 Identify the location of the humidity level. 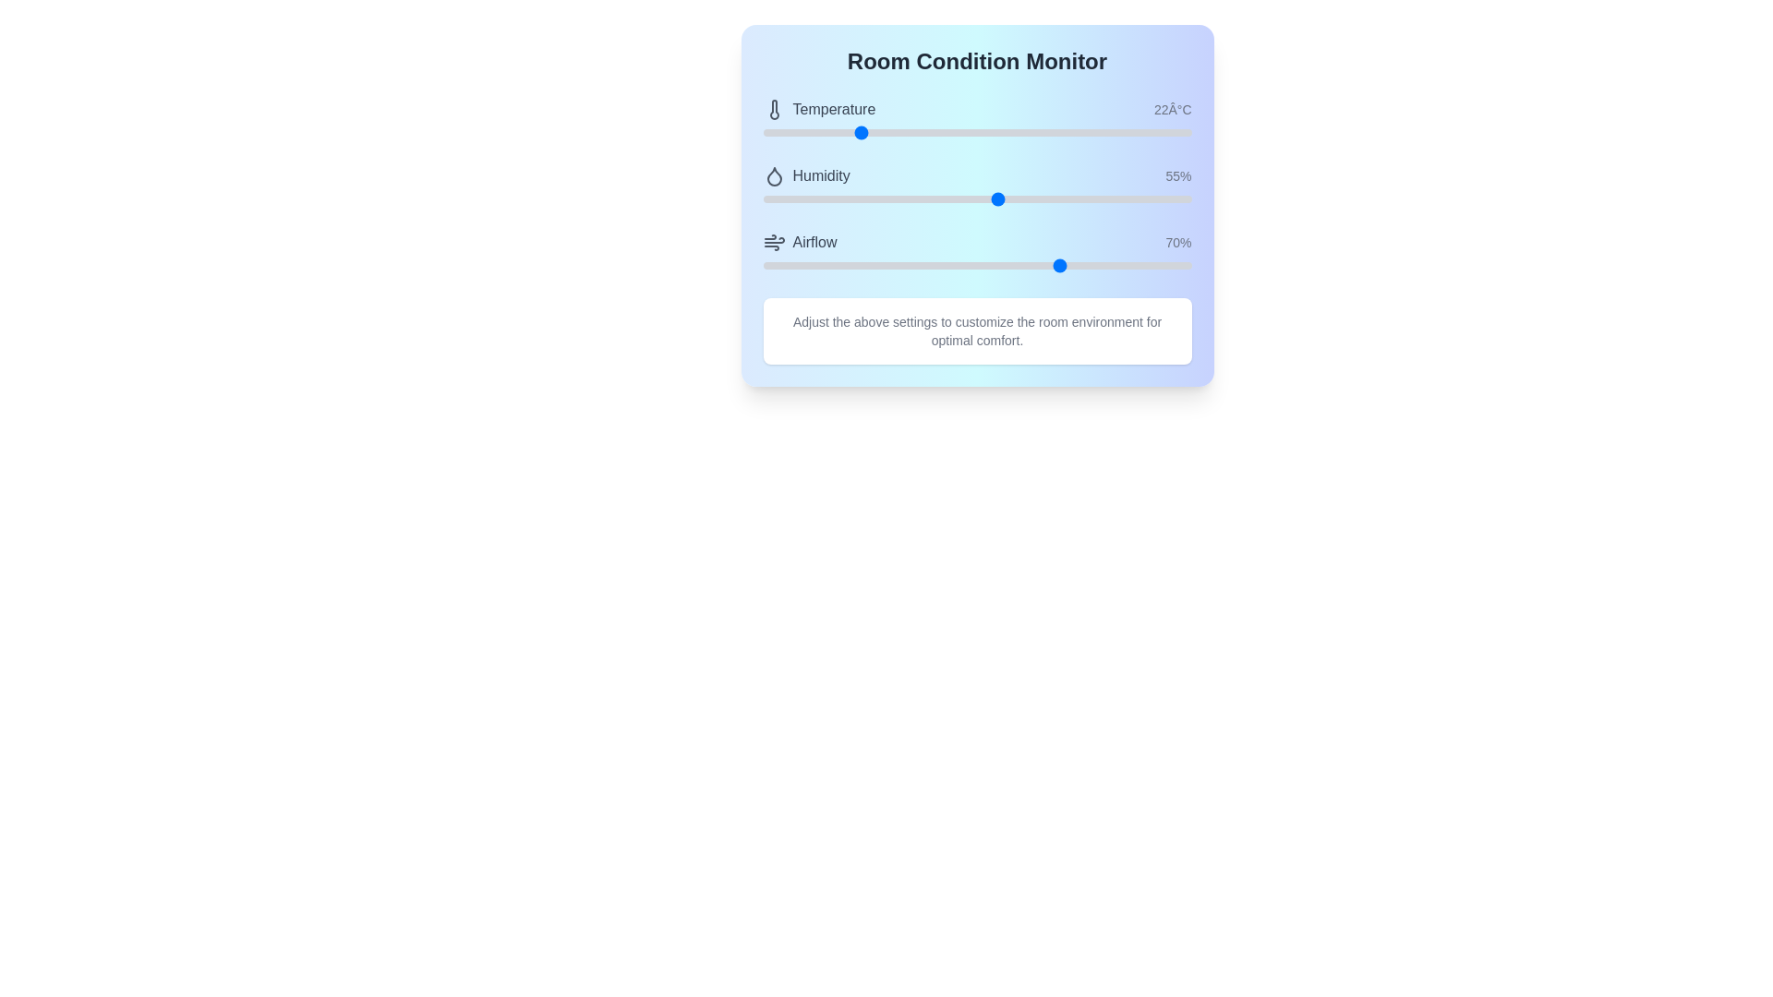
(861, 199).